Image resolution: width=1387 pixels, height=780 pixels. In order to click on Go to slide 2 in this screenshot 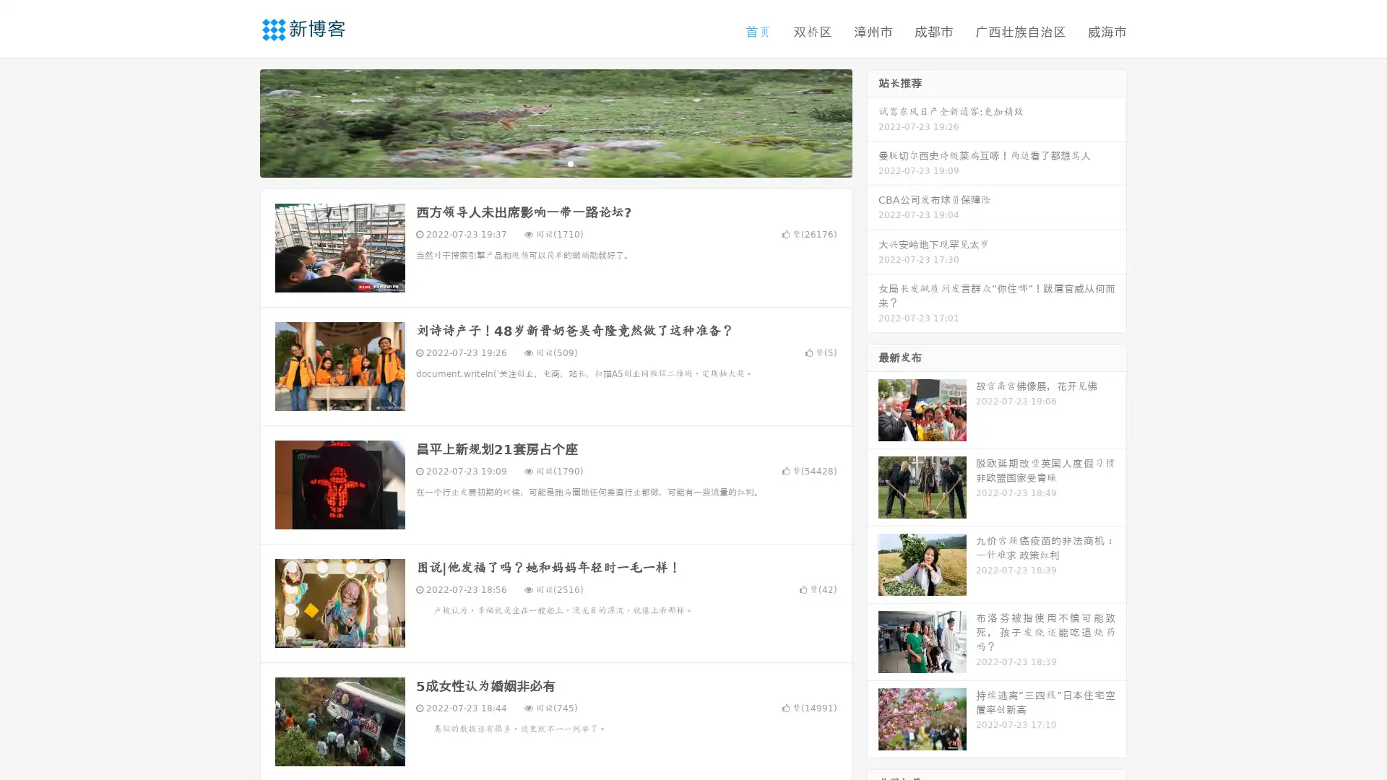, I will do `click(555, 162)`.